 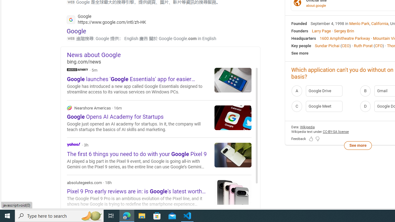 I want to click on 'Yahoo', so click(x=73, y=144).